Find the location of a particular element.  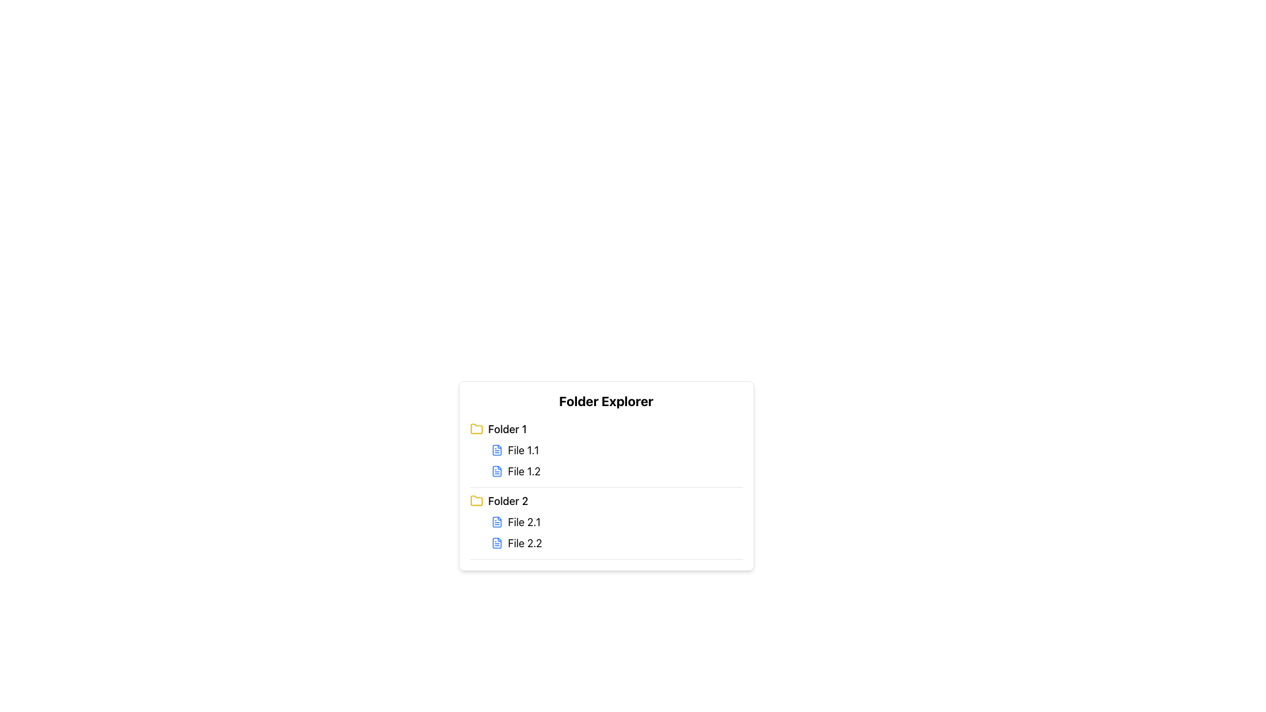

the file entry 'File 2.1' within the folder titled 'Folder 2' is located at coordinates (605, 525).